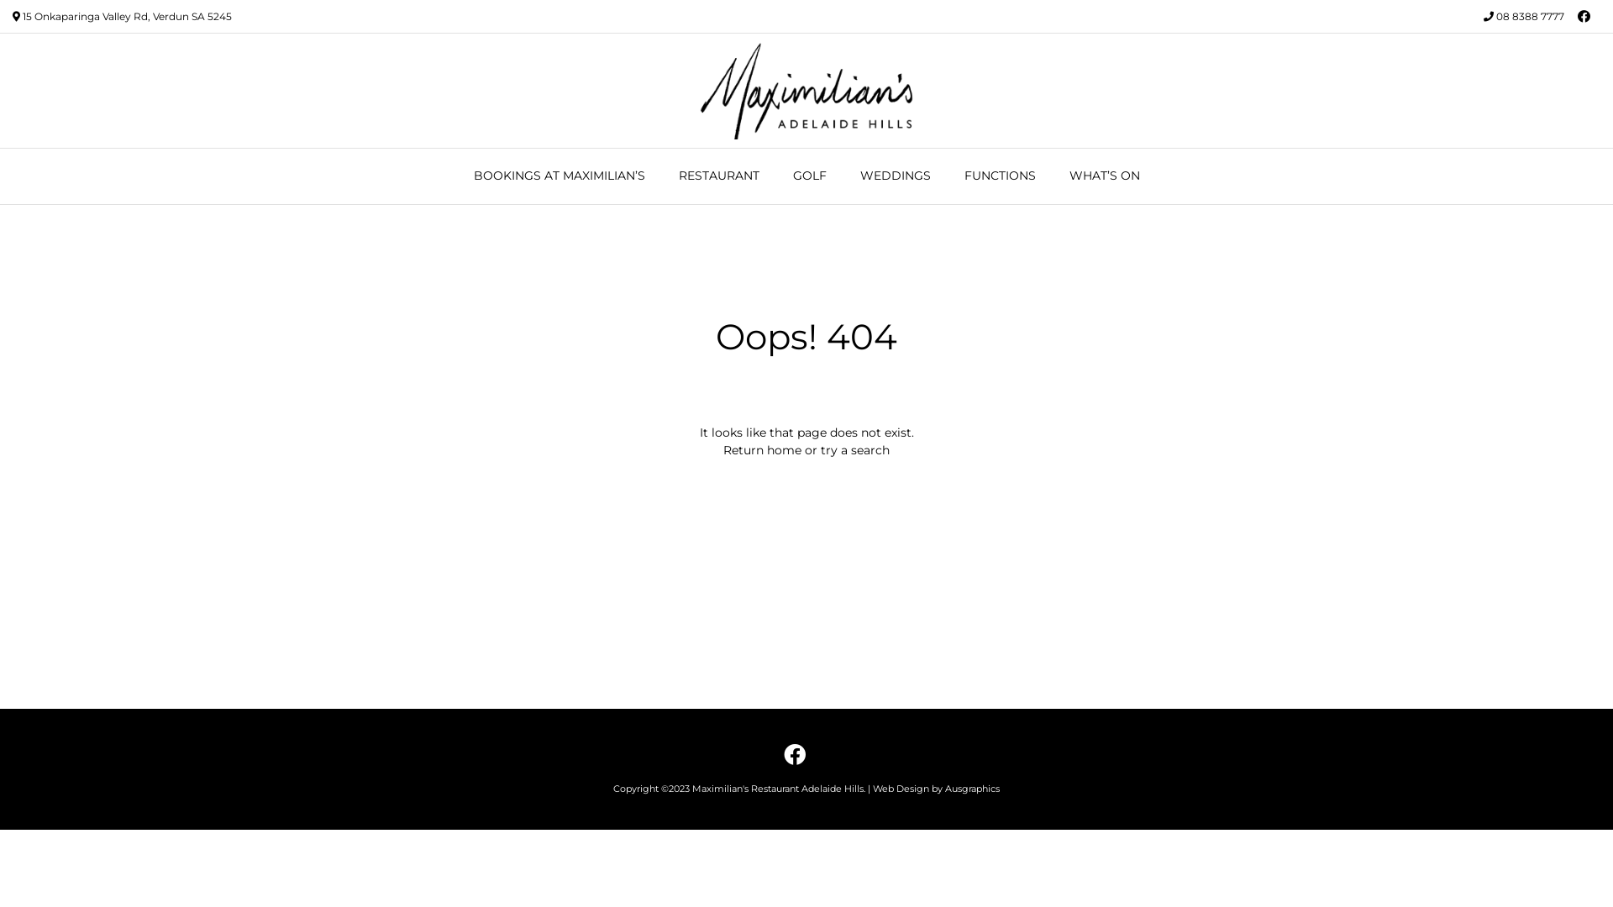 The width and height of the screenshot is (1613, 907). Describe the element at coordinates (0, 0) in the screenshot. I see `'Skip to content'` at that location.